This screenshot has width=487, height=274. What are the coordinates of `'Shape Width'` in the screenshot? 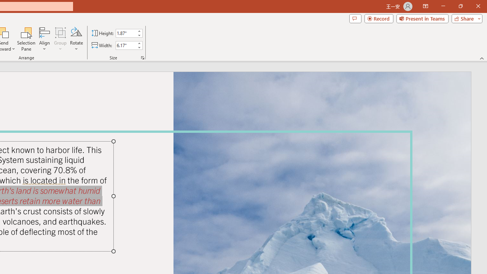 It's located at (126, 45).